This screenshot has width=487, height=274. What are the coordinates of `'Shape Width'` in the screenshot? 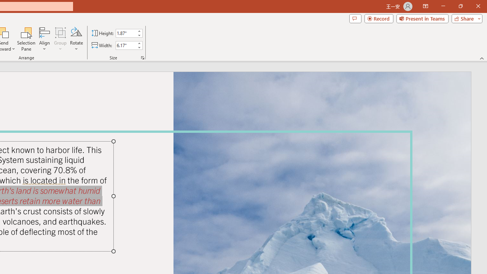 It's located at (126, 45).